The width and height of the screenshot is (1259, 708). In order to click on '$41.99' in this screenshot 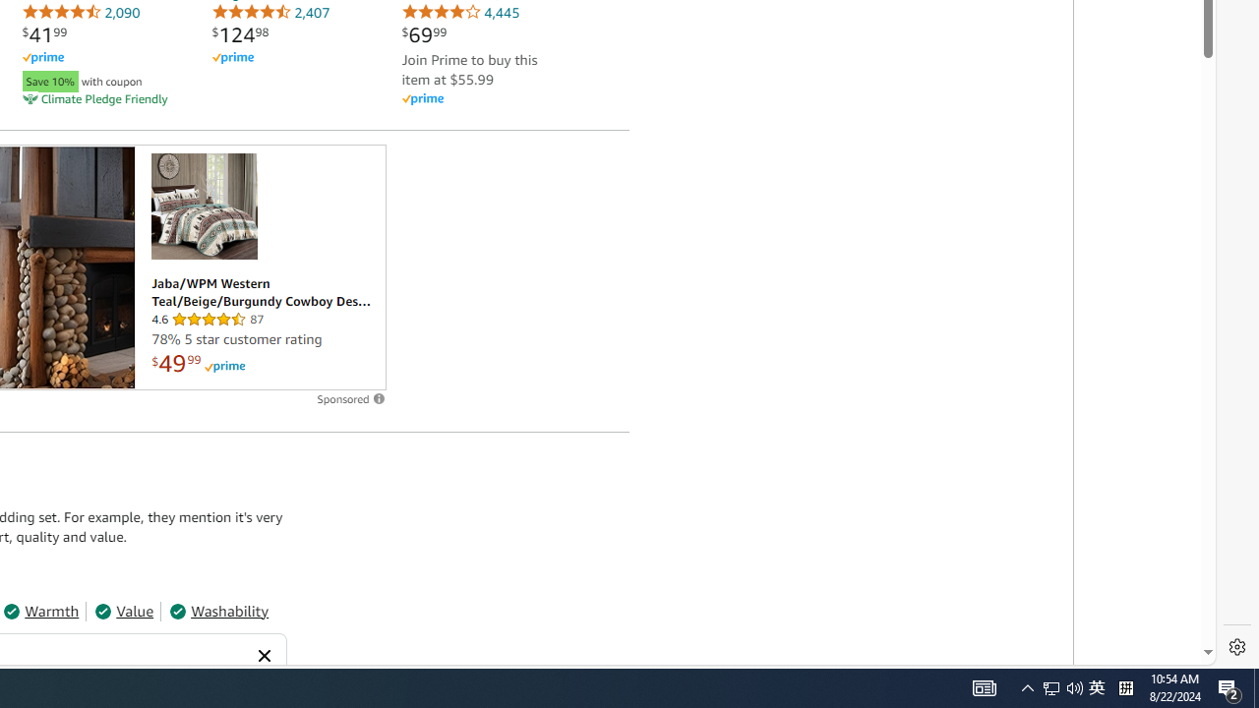, I will do `click(44, 34)`.